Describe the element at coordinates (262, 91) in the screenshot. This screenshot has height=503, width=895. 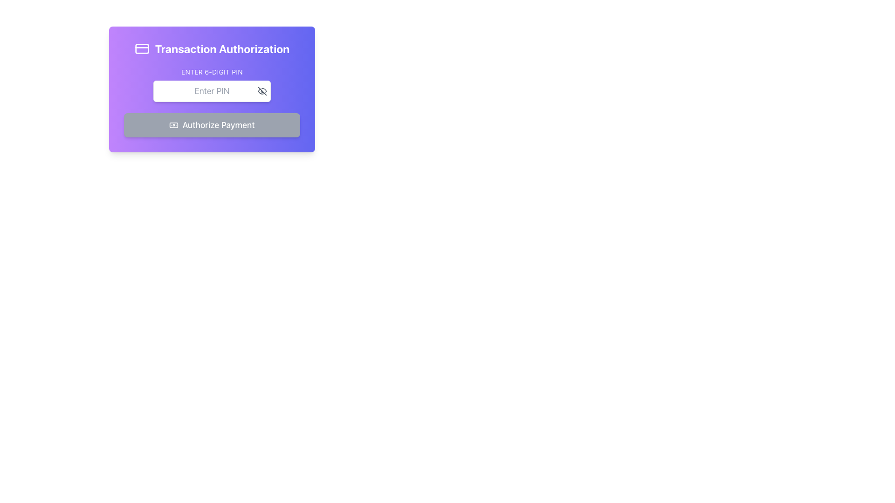
I see `the eye-off icon button located inside the PIN input field` at that location.